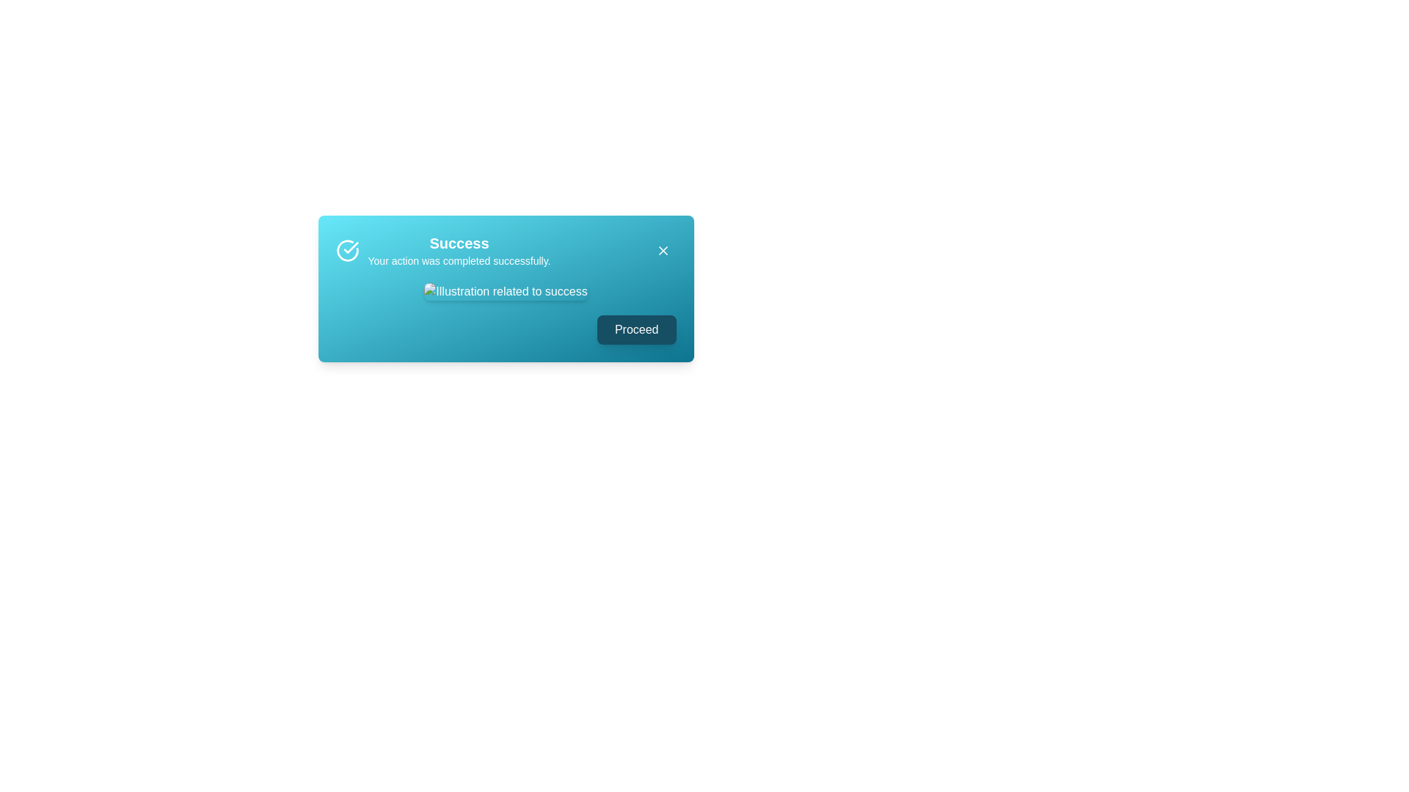 This screenshot has height=792, width=1409. What do you see at coordinates (662, 250) in the screenshot?
I see `the close button to close the alert` at bounding box center [662, 250].